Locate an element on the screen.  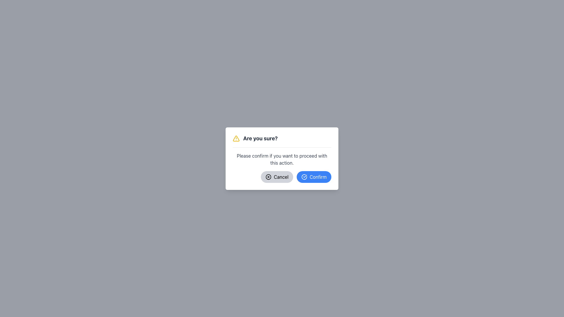
the cancellation button located at the bottom-center of the modal dialog box, which is the first button in a horizontal group of two buttons is located at coordinates (277, 176).